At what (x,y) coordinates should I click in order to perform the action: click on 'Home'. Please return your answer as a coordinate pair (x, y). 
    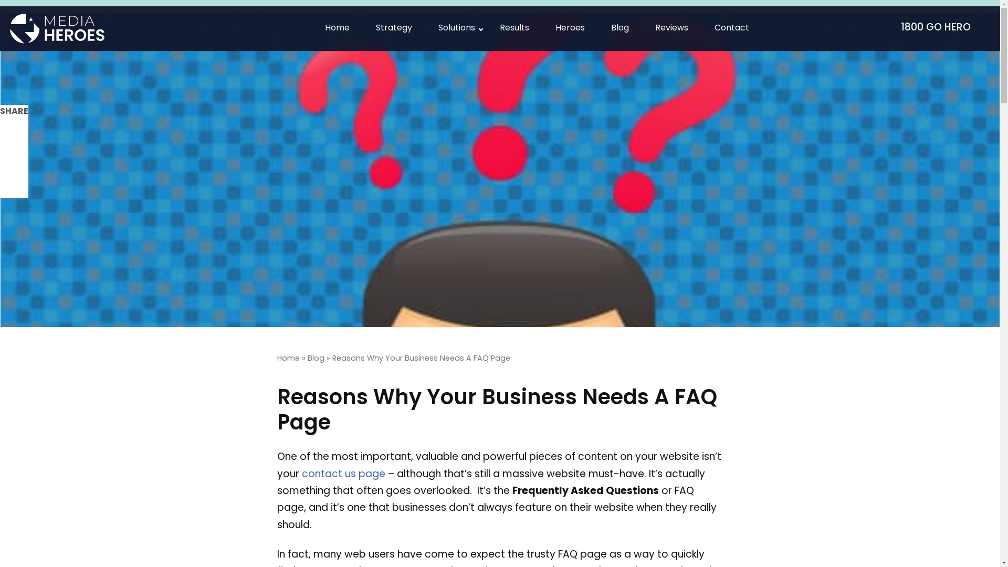
    Looking at the image, I should click on (288, 358).